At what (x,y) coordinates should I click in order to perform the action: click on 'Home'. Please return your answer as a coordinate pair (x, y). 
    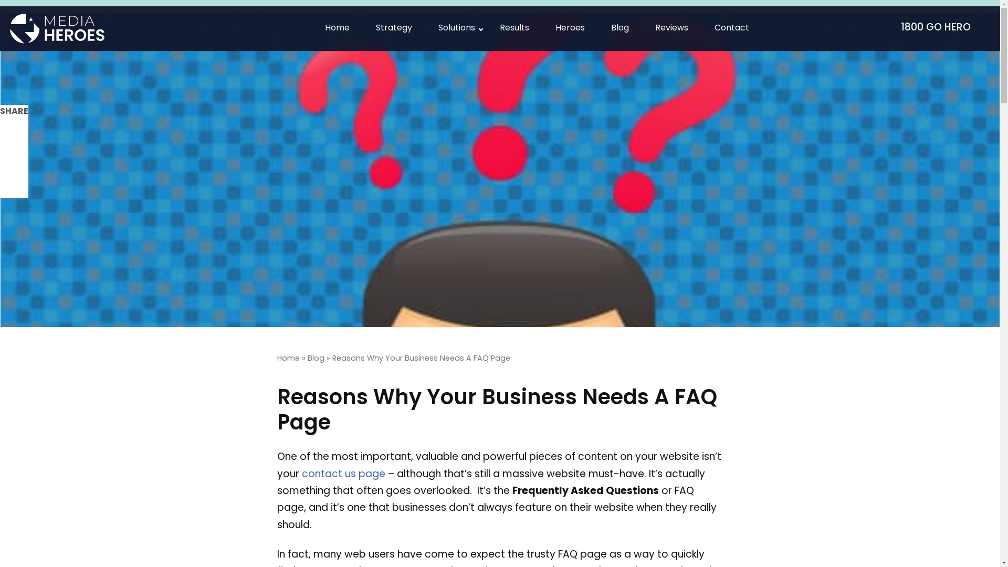
    Looking at the image, I should click on (288, 358).